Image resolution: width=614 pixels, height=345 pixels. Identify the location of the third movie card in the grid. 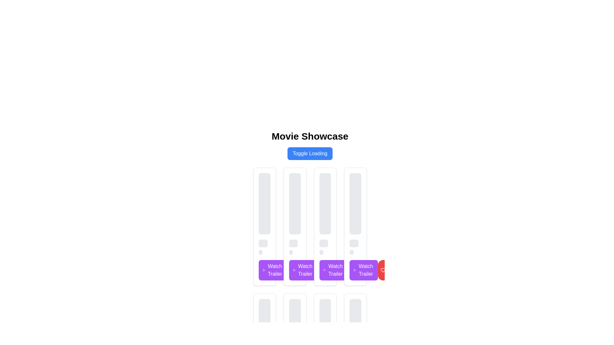
(325, 226).